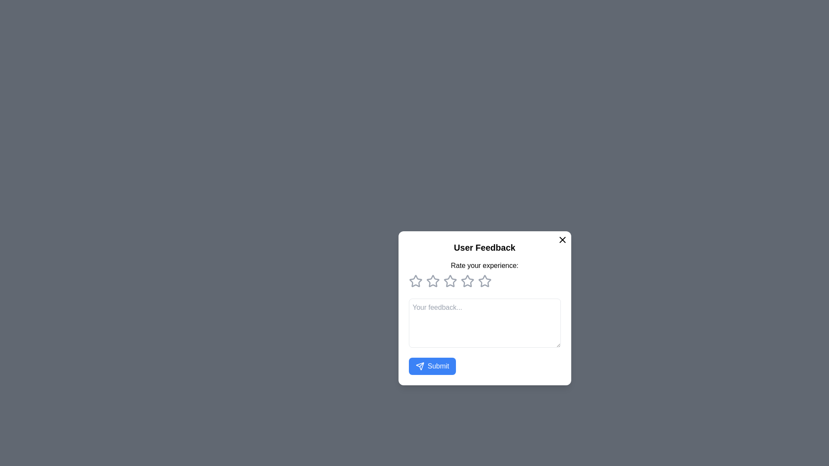 This screenshot has width=829, height=466. What do you see at coordinates (484, 274) in the screenshot?
I see `the star in the Rating component located in the center of the 'User Feedback' pop-up card` at bounding box center [484, 274].